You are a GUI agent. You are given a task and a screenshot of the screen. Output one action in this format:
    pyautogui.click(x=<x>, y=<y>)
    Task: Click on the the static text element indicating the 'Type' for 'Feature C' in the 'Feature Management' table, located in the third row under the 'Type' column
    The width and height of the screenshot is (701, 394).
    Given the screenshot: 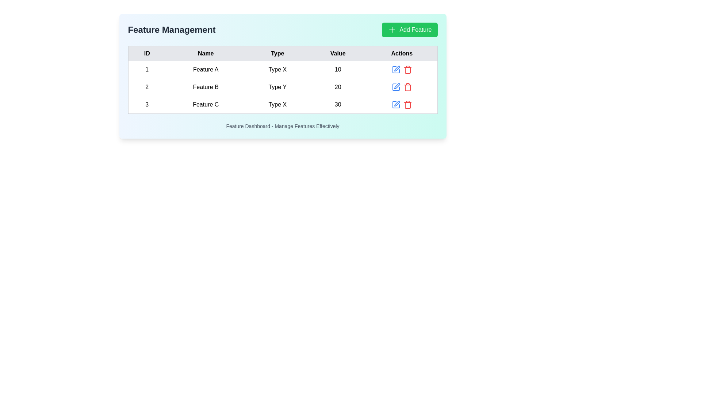 What is the action you would take?
    pyautogui.click(x=277, y=105)
    